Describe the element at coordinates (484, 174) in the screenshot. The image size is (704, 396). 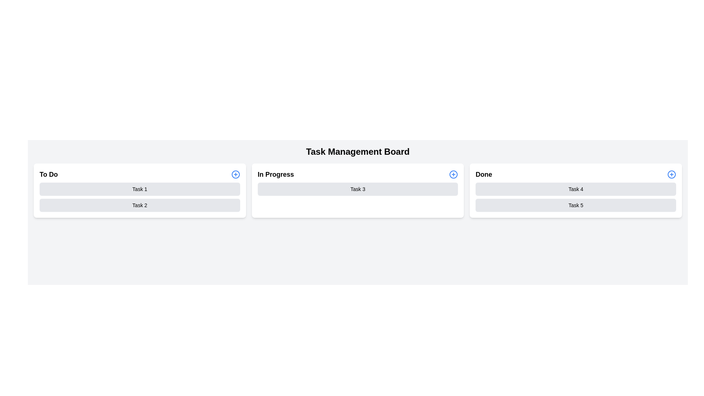
I see `the 'Done' text label, which is prominently displayed in bold at the top of the 'Done' task column` at that location.